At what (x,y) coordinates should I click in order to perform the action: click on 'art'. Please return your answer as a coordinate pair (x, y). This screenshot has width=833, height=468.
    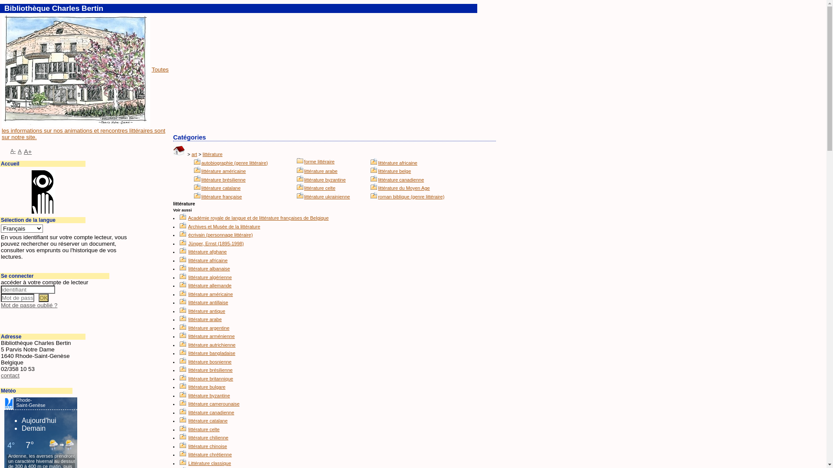
    Looking at the image, I should click on (194, 153).